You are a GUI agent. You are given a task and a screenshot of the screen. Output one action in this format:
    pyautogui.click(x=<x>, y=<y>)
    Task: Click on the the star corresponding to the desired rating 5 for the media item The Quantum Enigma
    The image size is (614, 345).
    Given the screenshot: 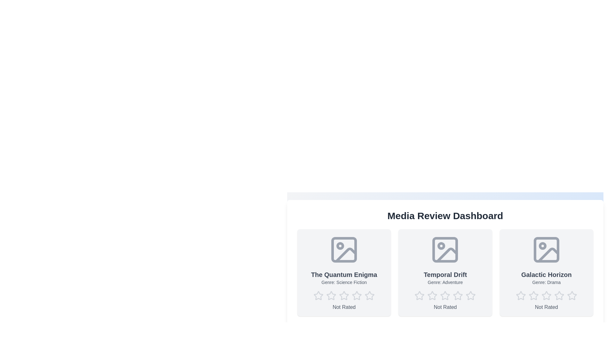 What is the action you would take?
    pyautogui.click(x=370, y=295)
    